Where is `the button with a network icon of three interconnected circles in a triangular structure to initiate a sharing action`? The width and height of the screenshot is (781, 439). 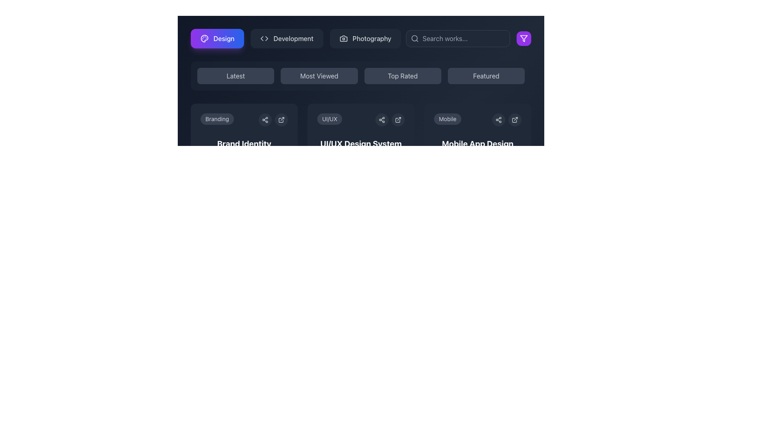 the button with a network icon of three interconnected circles in a triangular structure to initiate a sharing action is located at coordinates (382, 120).